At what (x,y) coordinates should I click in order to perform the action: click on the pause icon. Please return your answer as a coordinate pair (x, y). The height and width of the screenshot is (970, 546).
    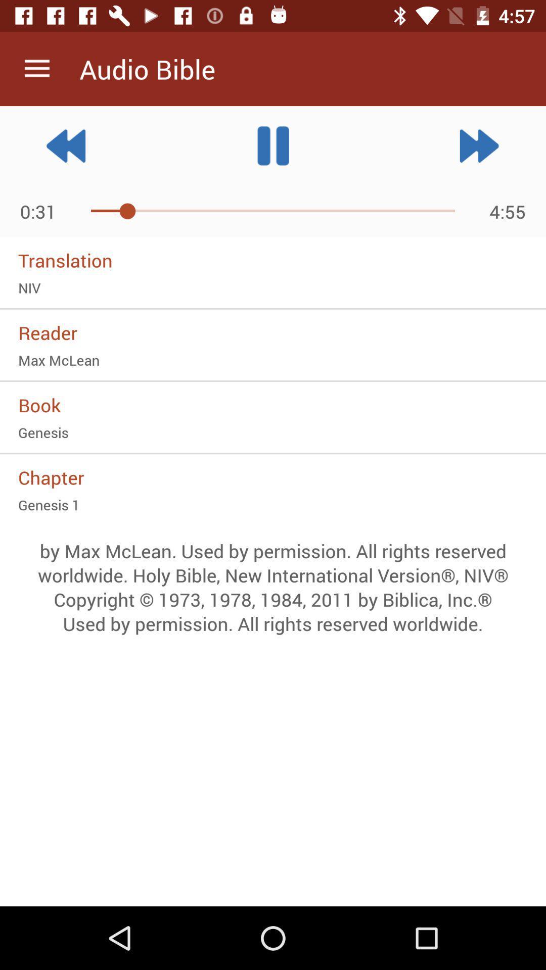
    Looking at the image, I should click on (273, 145).